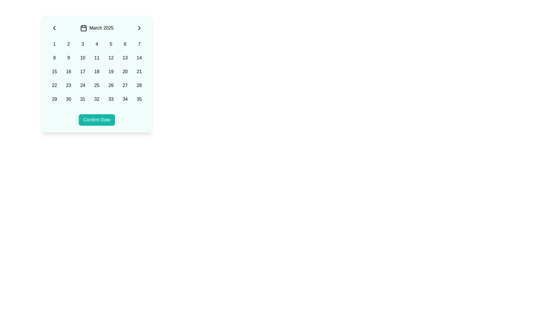  I want to click on the button displaying the number '32' in black text, located in the fifth column of the last row of the grid layout, which has a teal hover effect and rounded corners, so click(97, 99).